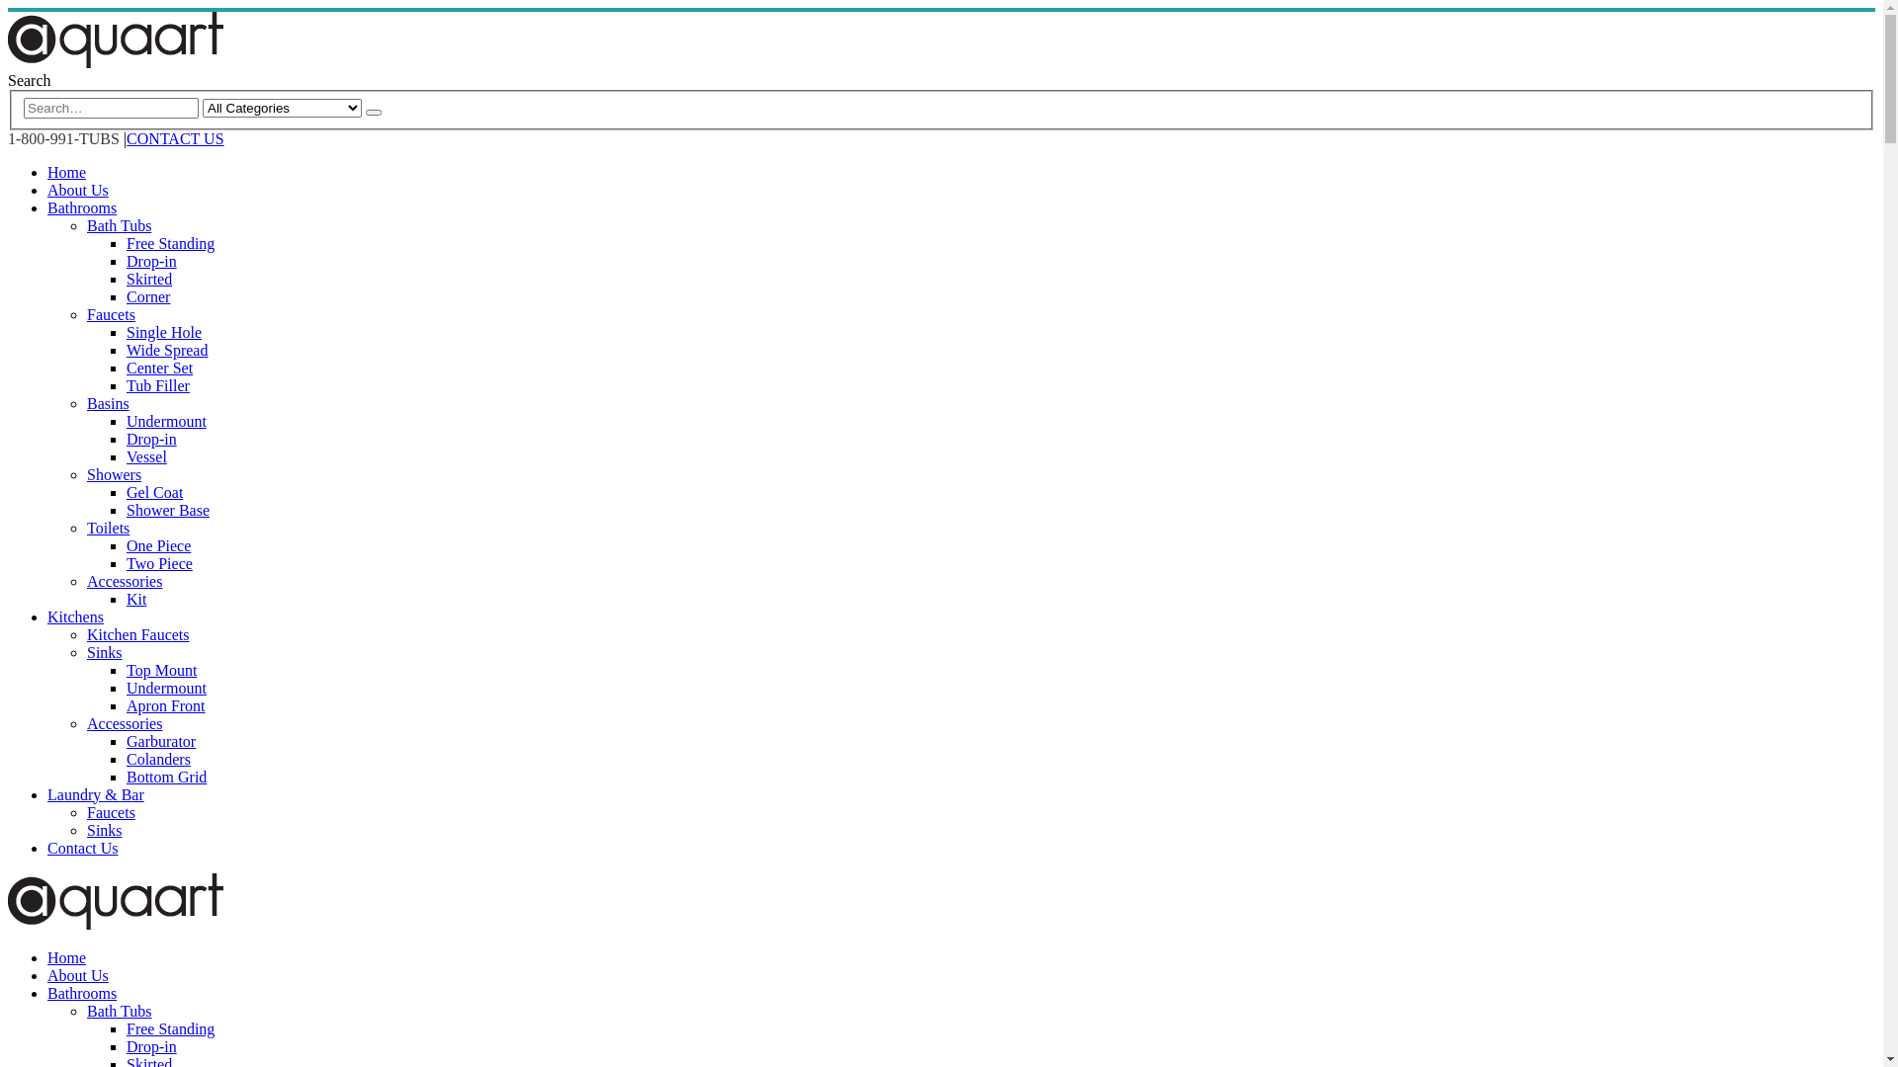  I want to click on 'Top Mount', so click(161, 669).